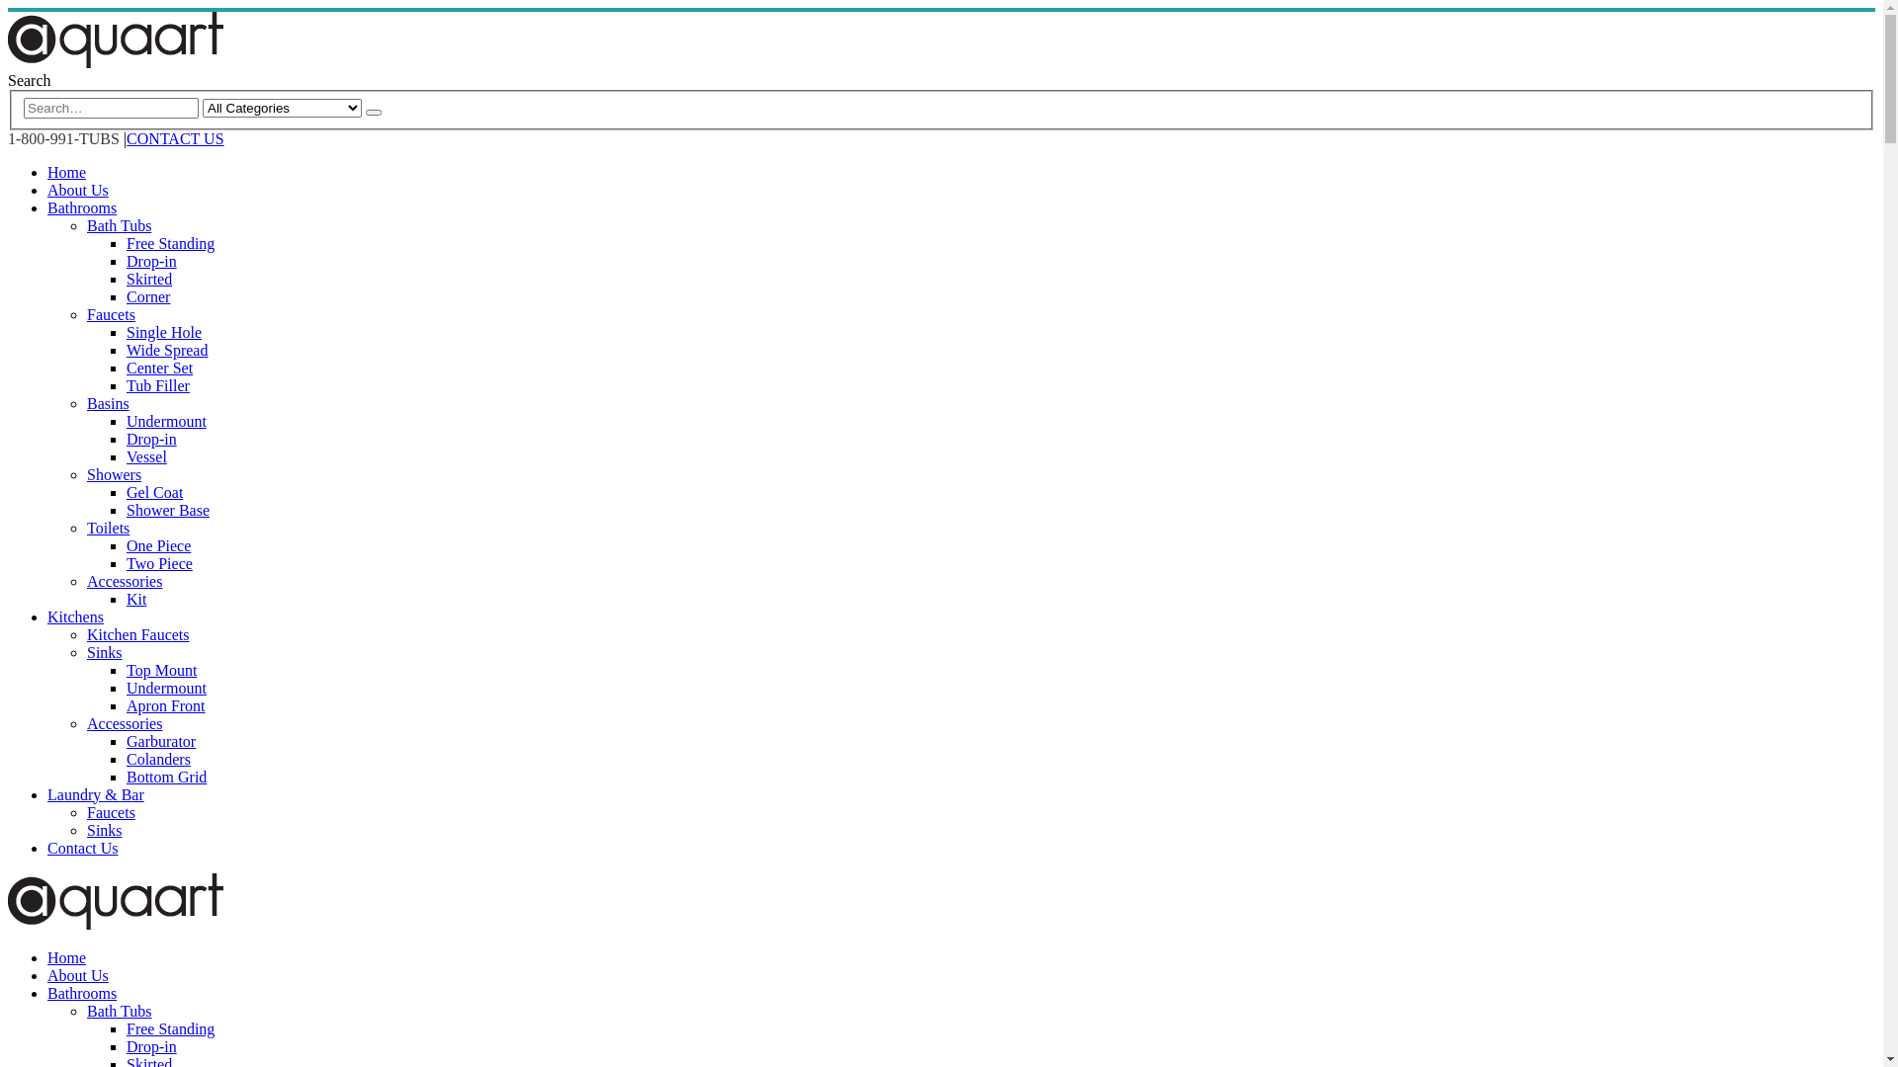  I want to click on 'Top Mount', so click(161, 669).